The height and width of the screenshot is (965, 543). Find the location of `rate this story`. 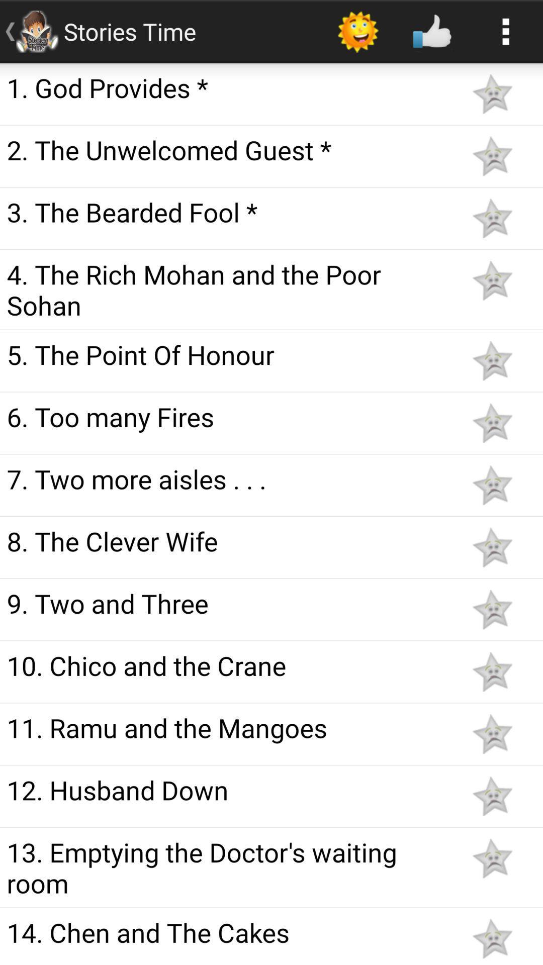

rate this story is located at coordinates (492, 671).